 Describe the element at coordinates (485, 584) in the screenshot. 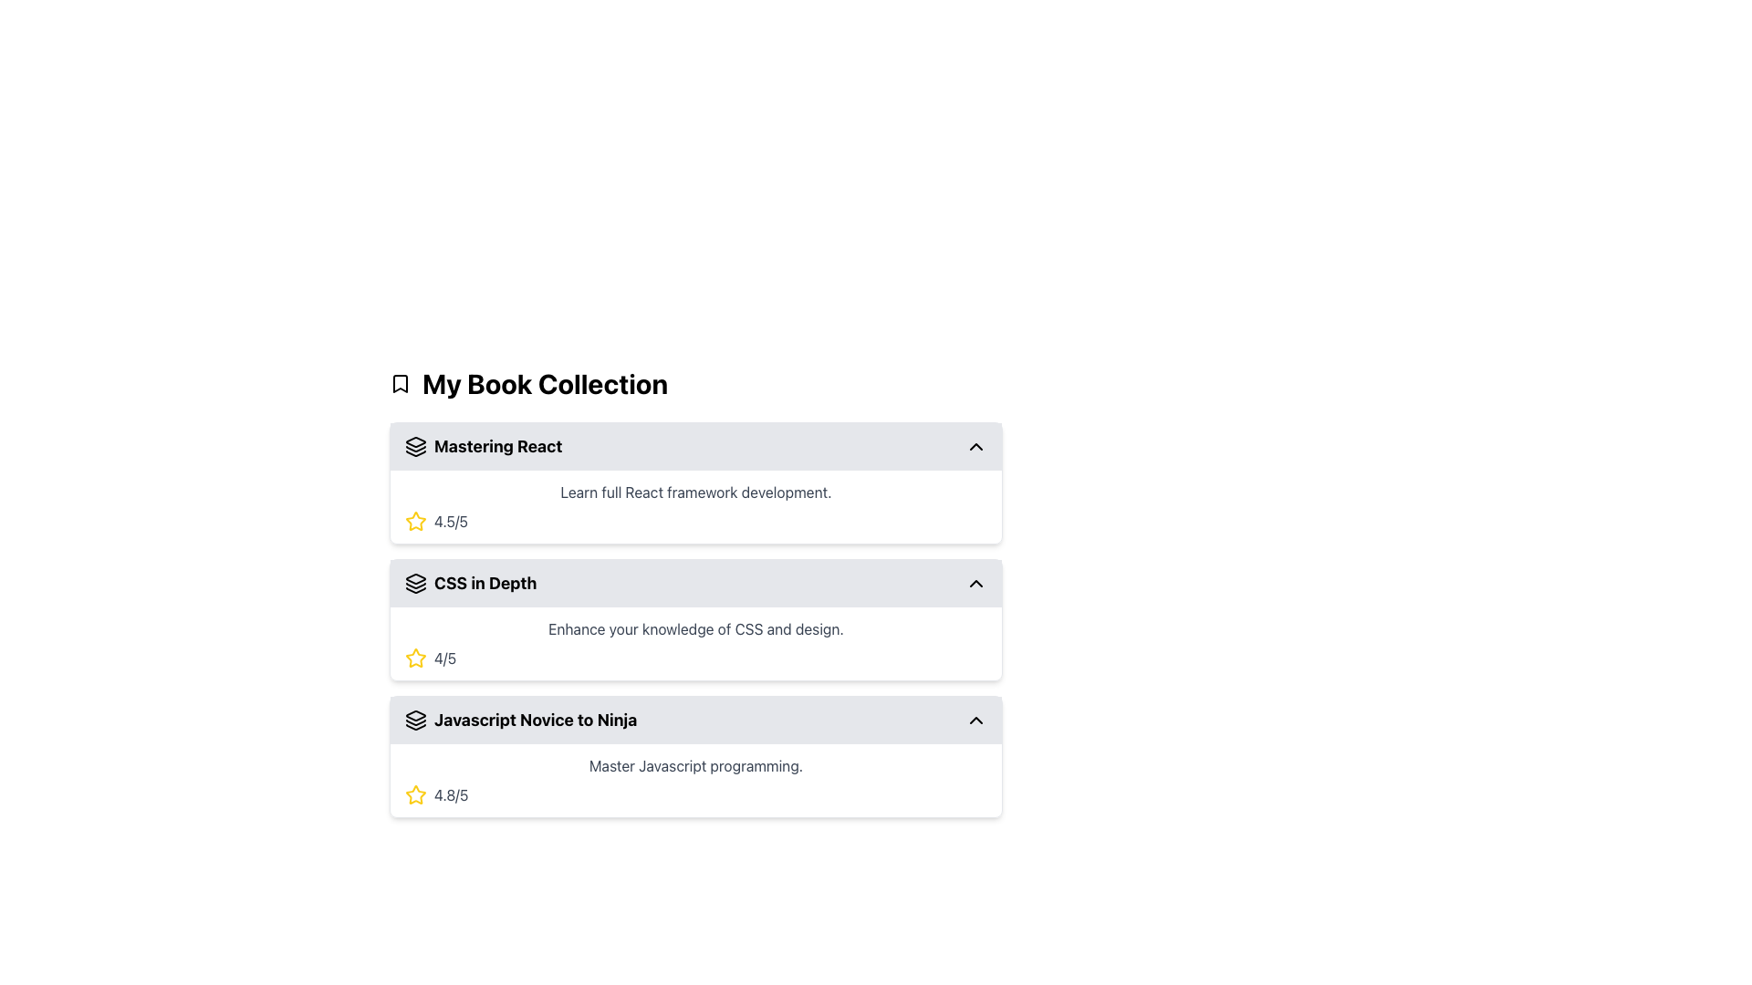

I see `the text label that identifies the book entry titled 'CSS in Depth' within the second card of 'My Book Collection'` at that location.